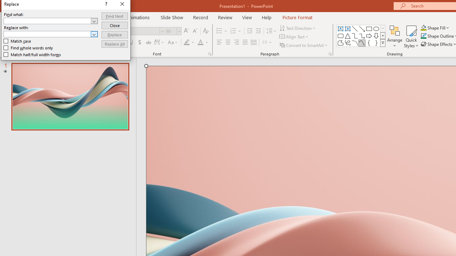 This screenshot has height=256, width=456. I want to click on 'Find what', so click(47, 21).